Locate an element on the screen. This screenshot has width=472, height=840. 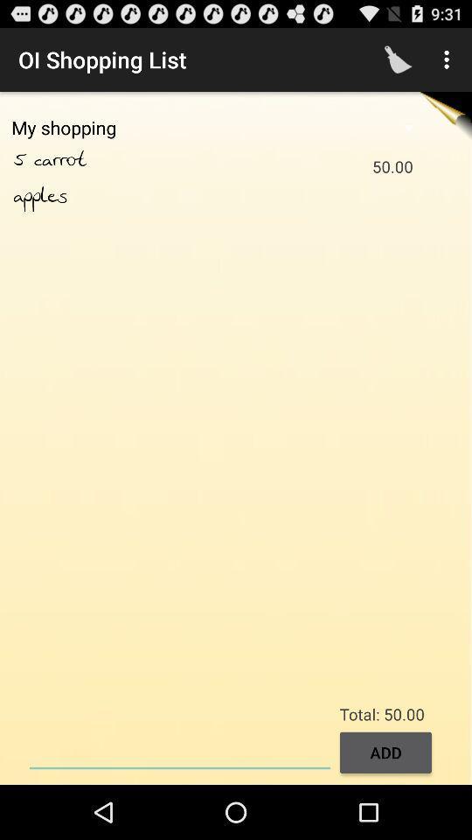
the icon to the left of add item is located at coordinates (179, 750).